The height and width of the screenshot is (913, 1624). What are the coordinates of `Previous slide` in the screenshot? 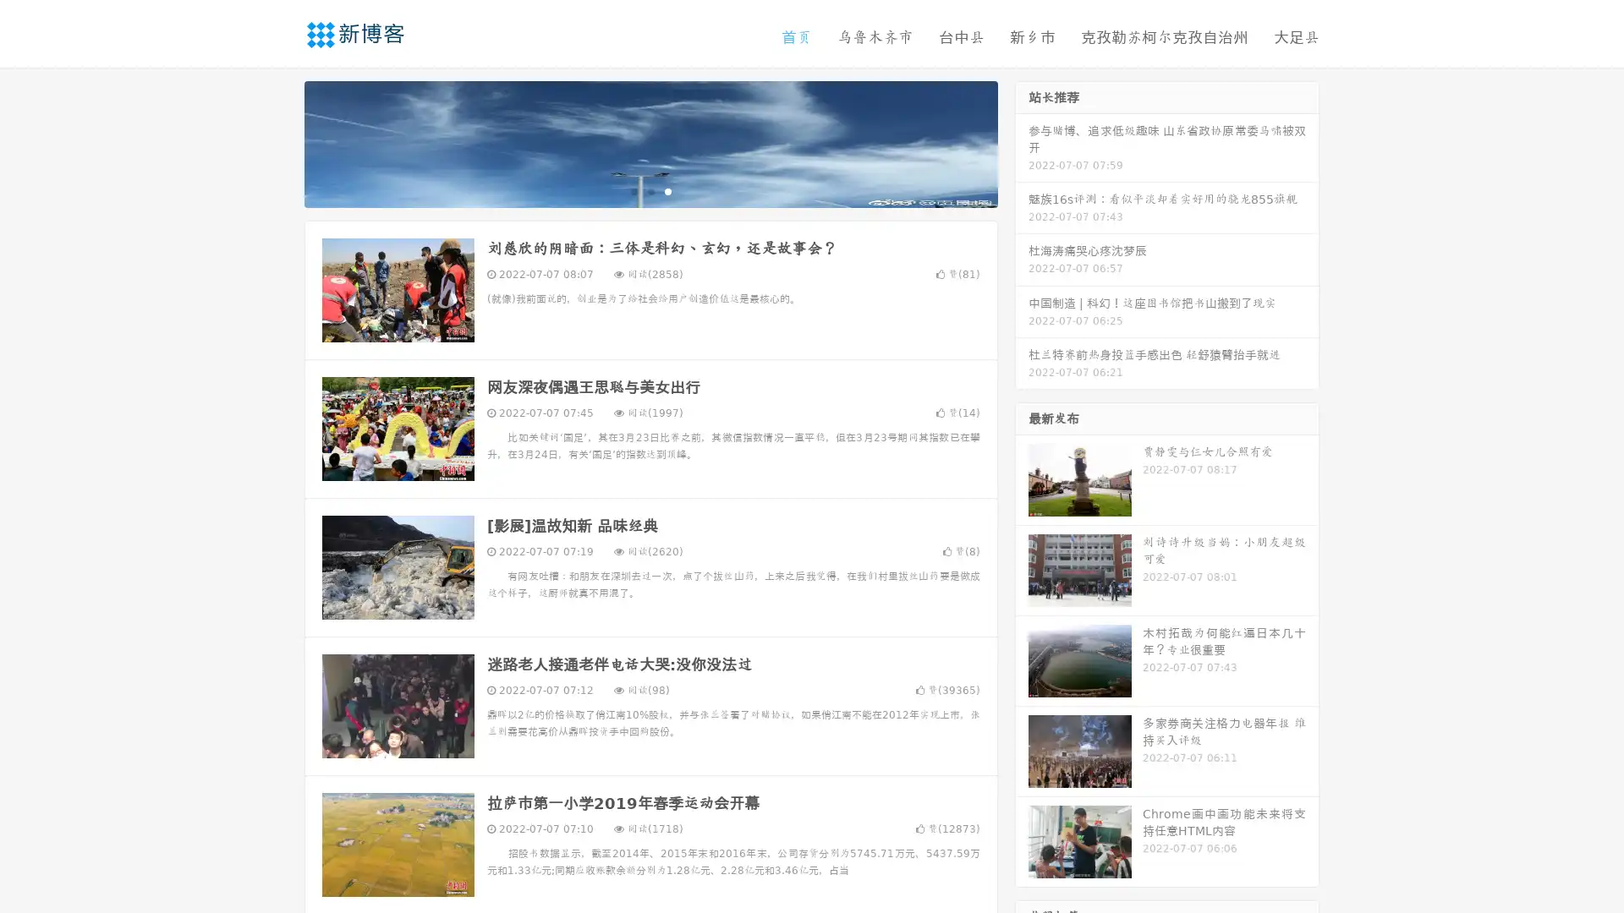 It's located at (279, 142).